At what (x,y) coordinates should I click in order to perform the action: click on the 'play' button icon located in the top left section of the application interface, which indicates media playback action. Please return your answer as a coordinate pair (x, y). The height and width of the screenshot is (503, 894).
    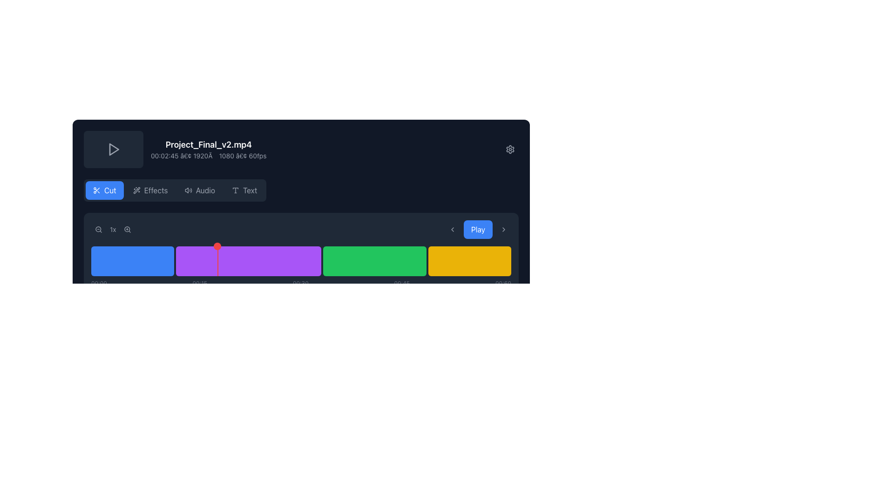
    Looking at the image, I should click on (114, 149).